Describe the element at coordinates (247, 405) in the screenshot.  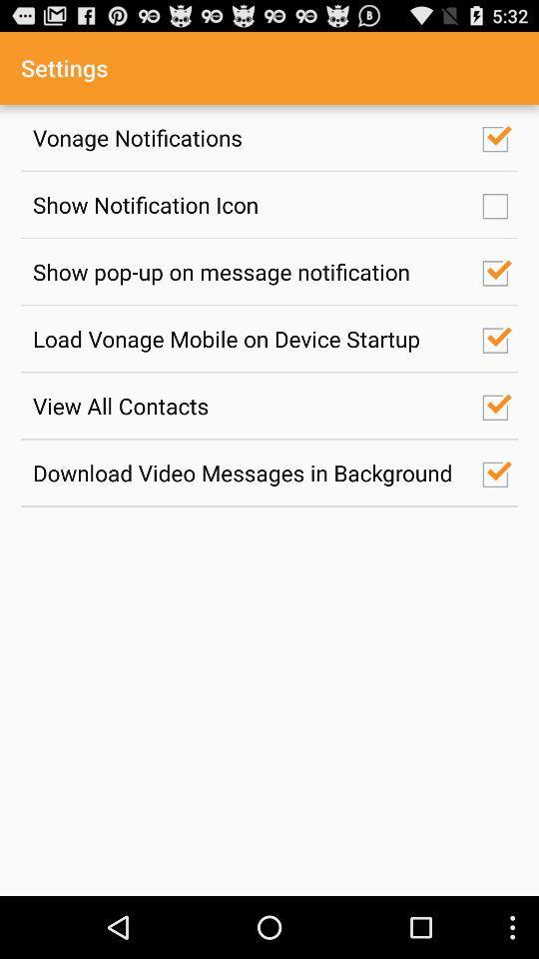
I see `the item above download video messages` at that location.